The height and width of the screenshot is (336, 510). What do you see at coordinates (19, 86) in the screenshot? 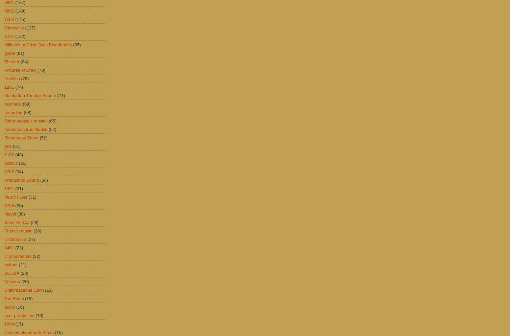
I see `'(74)'` at bounding box center [19, 86].